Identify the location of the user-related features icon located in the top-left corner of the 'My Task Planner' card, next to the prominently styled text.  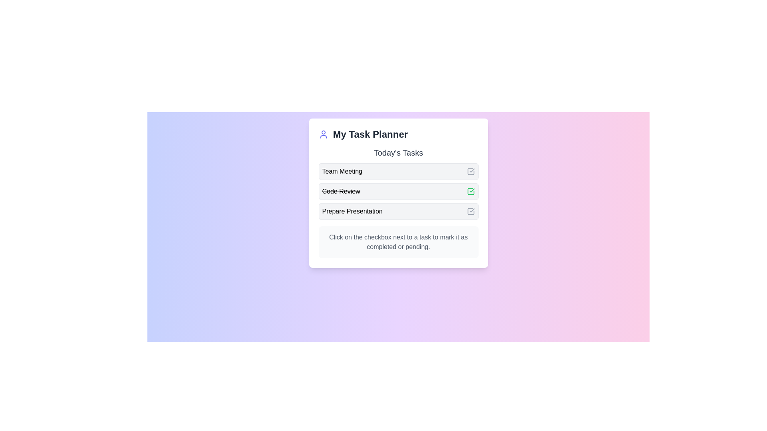
(323, 134).